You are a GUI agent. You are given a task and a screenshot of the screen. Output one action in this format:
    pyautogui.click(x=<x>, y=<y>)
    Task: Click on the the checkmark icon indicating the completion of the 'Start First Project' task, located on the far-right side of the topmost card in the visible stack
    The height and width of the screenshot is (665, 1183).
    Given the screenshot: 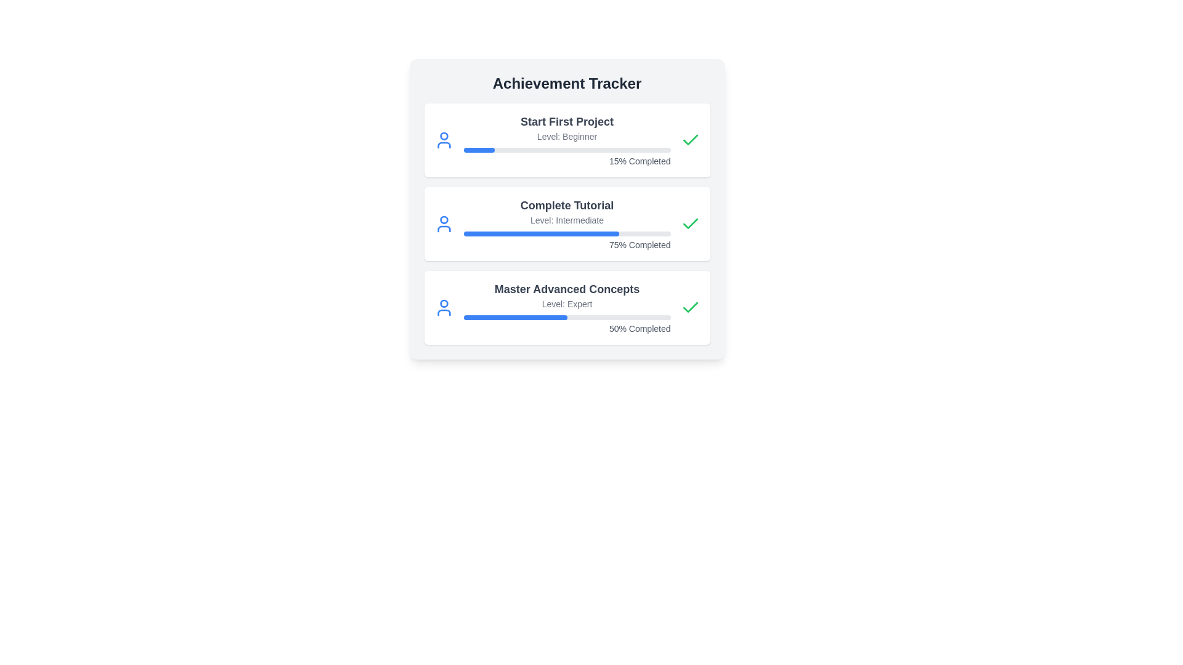 What is the action you would take?
    pyautogui.click(x=690, y=139)
    